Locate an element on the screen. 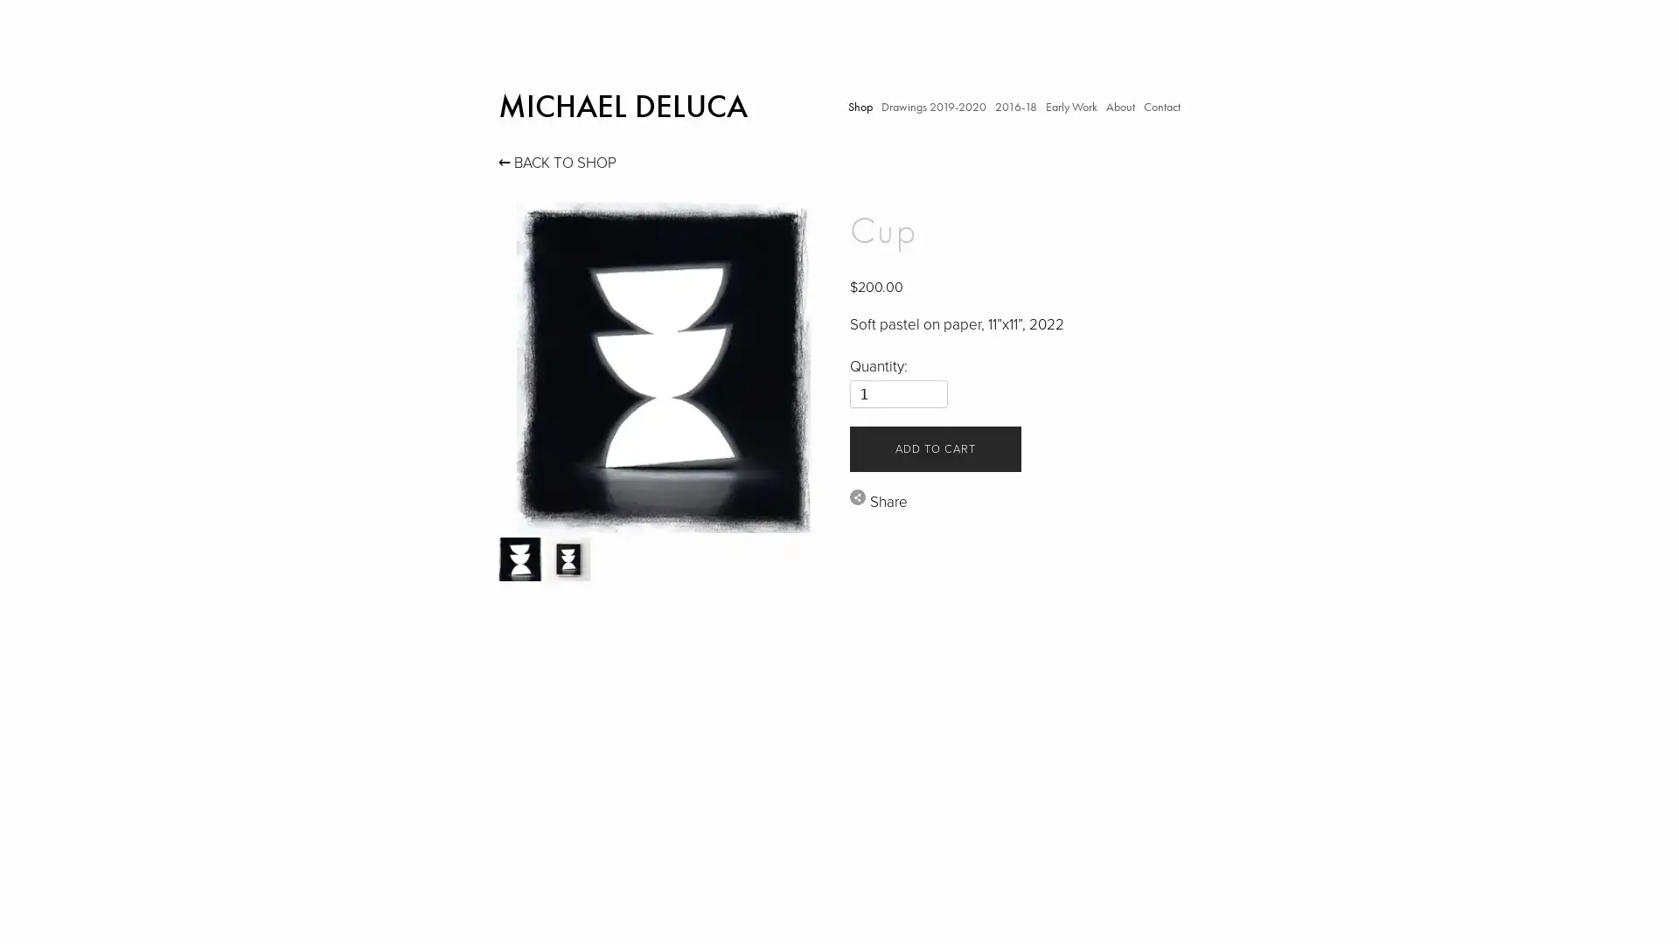 The height and width of the screenshot is (944, 1679). ADD TO CART is located at coordinates (934, 448).